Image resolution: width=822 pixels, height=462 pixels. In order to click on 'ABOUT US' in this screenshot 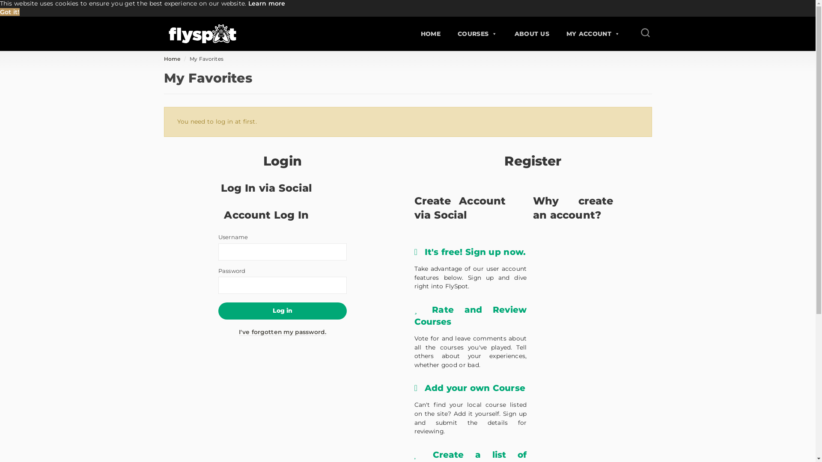, I will do `click(531, 33)`.